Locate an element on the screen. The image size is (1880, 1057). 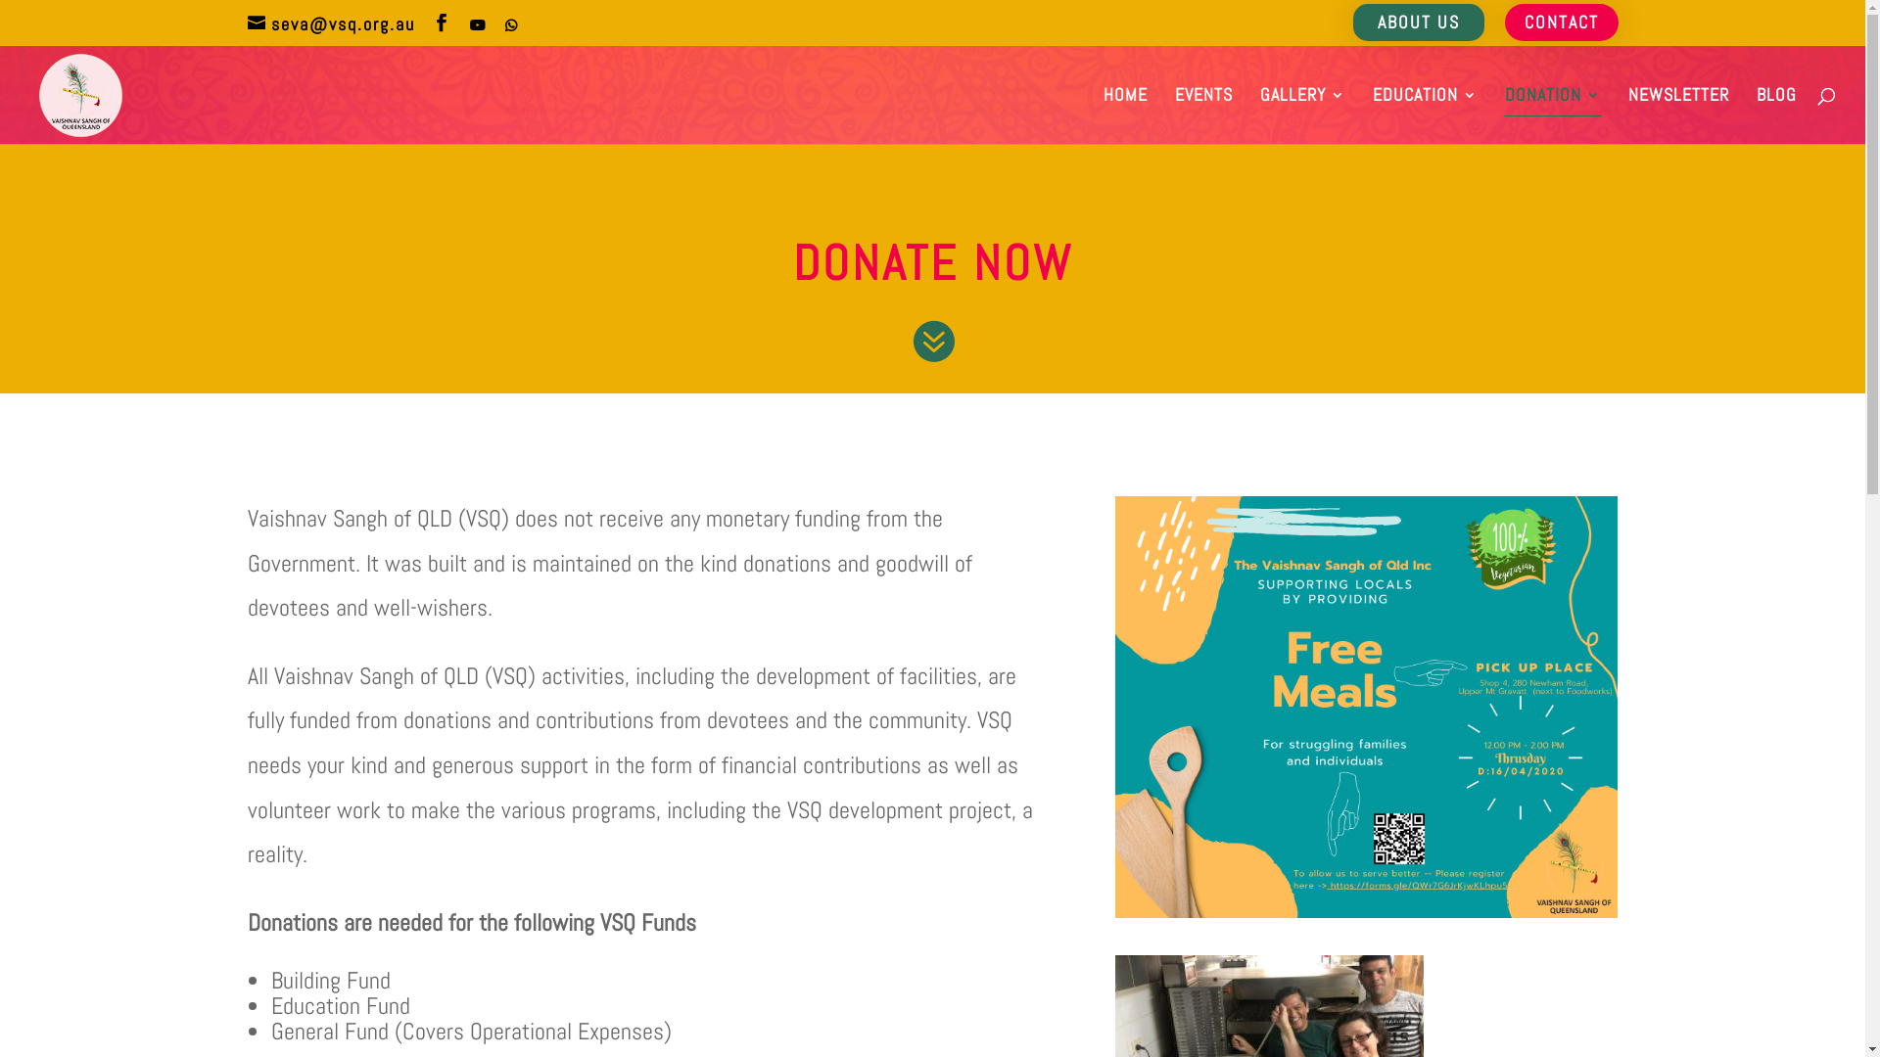
'EVENTS' is located at coordinates (1202, 115).